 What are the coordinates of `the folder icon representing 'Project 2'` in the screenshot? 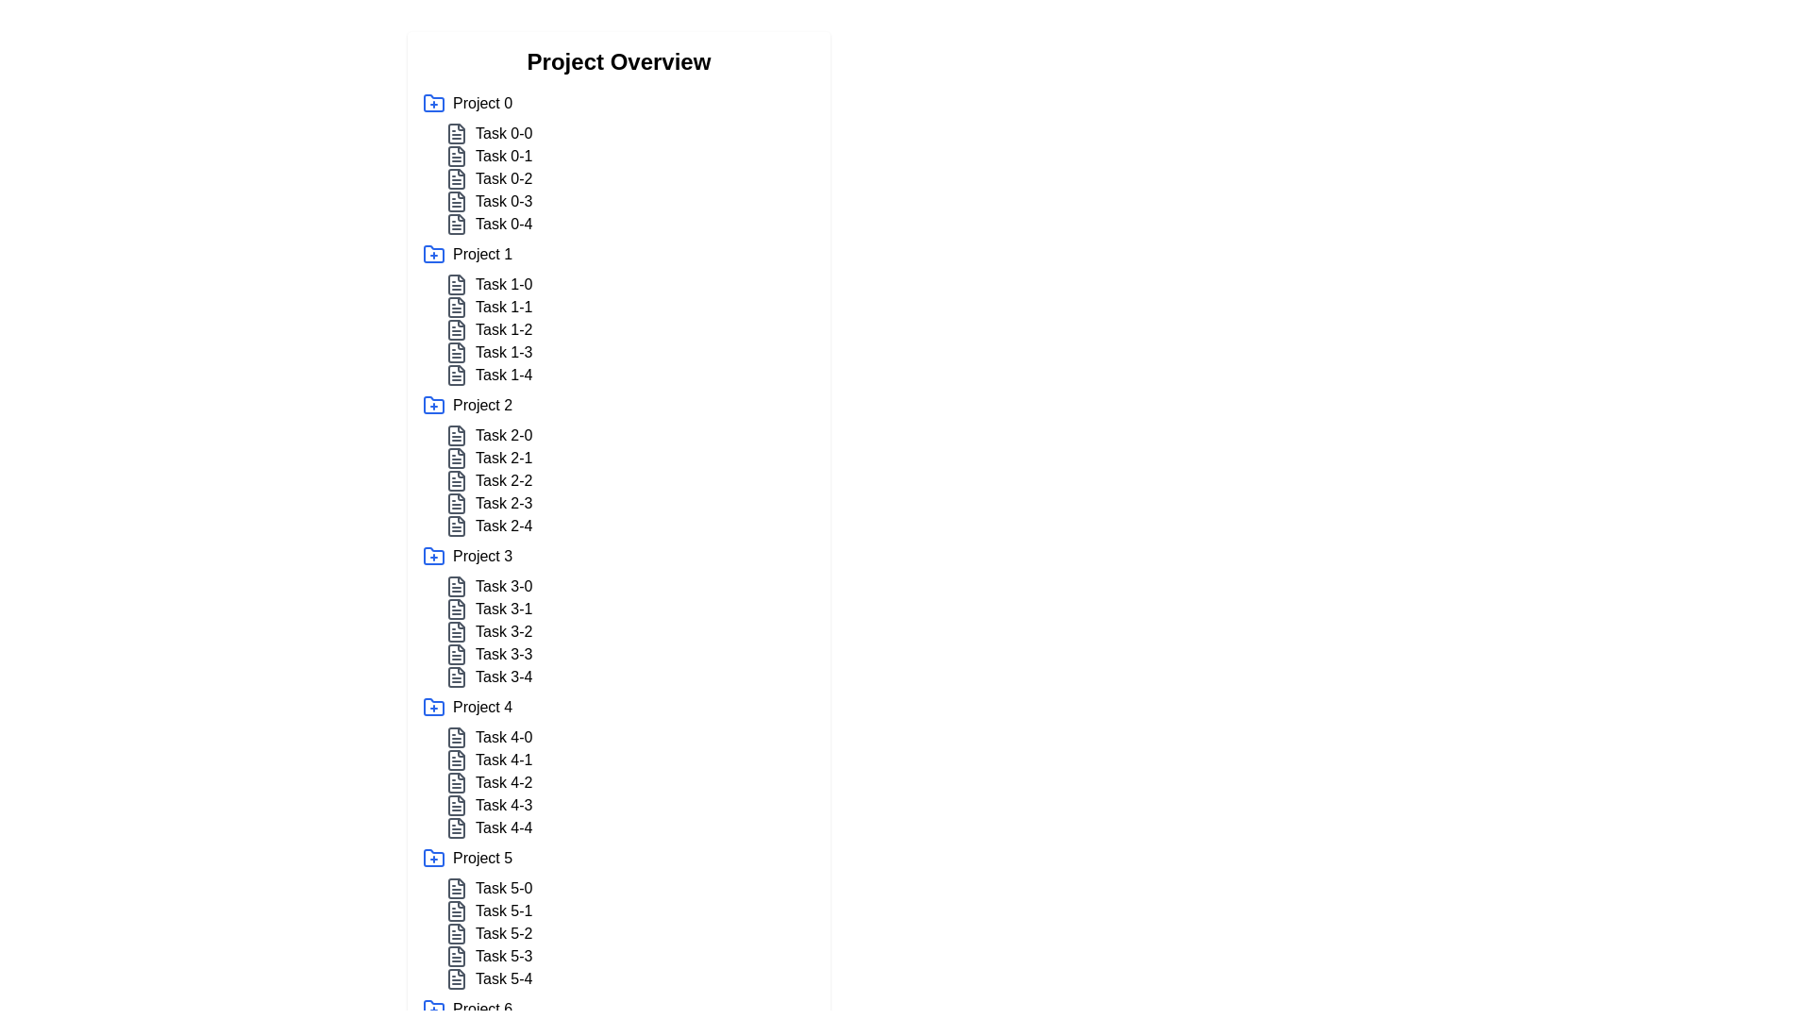 It's located at (433, 403).